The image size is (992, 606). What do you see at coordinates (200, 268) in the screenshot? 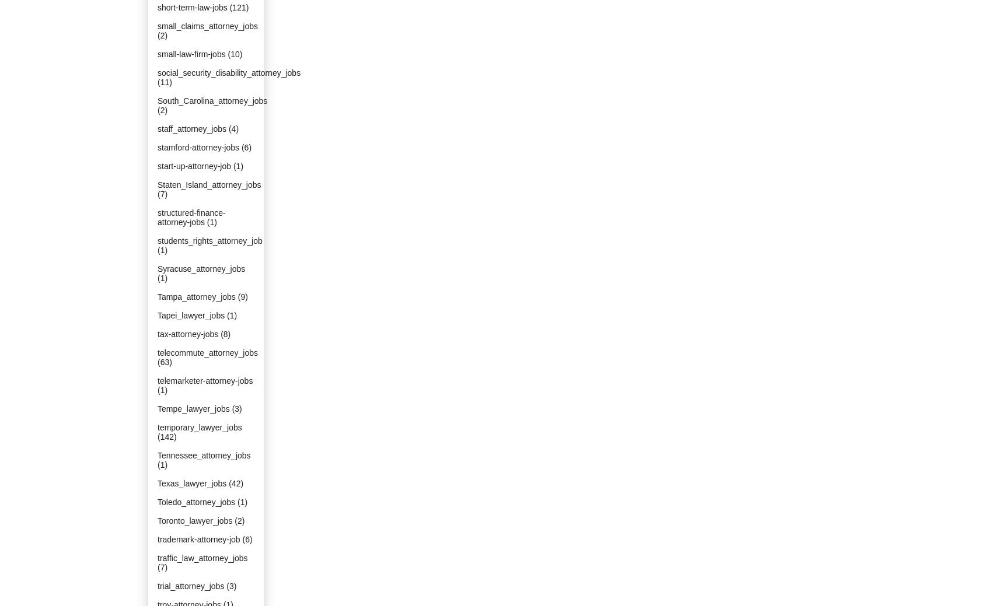
I see `'Syracuse_attorney_jobs'` at bounding box center [200, 268].